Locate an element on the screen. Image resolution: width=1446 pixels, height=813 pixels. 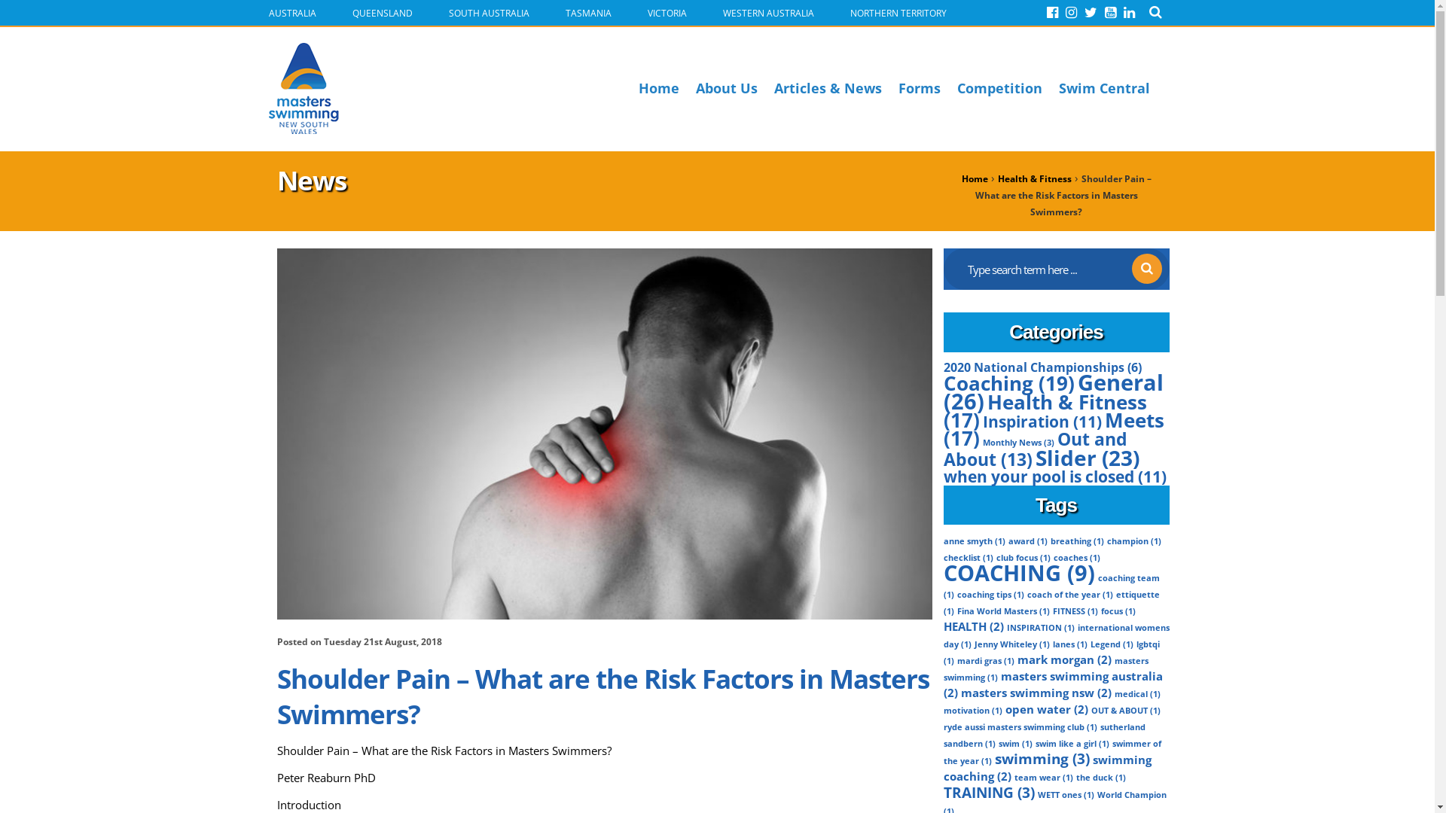
'COACHING (9)' is located at coordinates (1018, 572).